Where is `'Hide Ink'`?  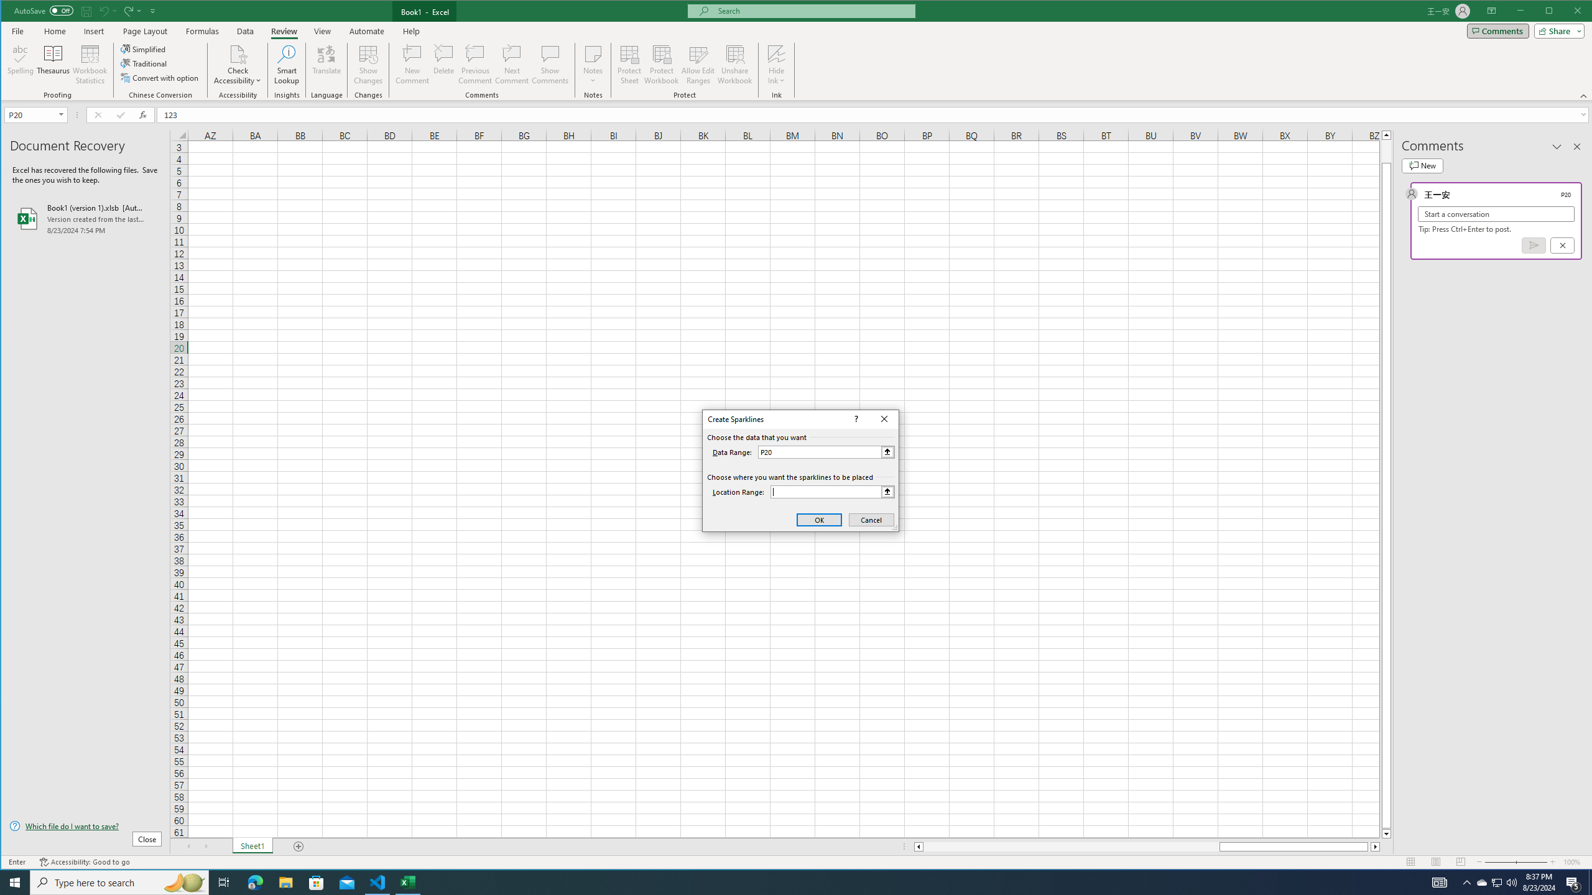 'Hide Ink' is located at coordinates (776, 64).